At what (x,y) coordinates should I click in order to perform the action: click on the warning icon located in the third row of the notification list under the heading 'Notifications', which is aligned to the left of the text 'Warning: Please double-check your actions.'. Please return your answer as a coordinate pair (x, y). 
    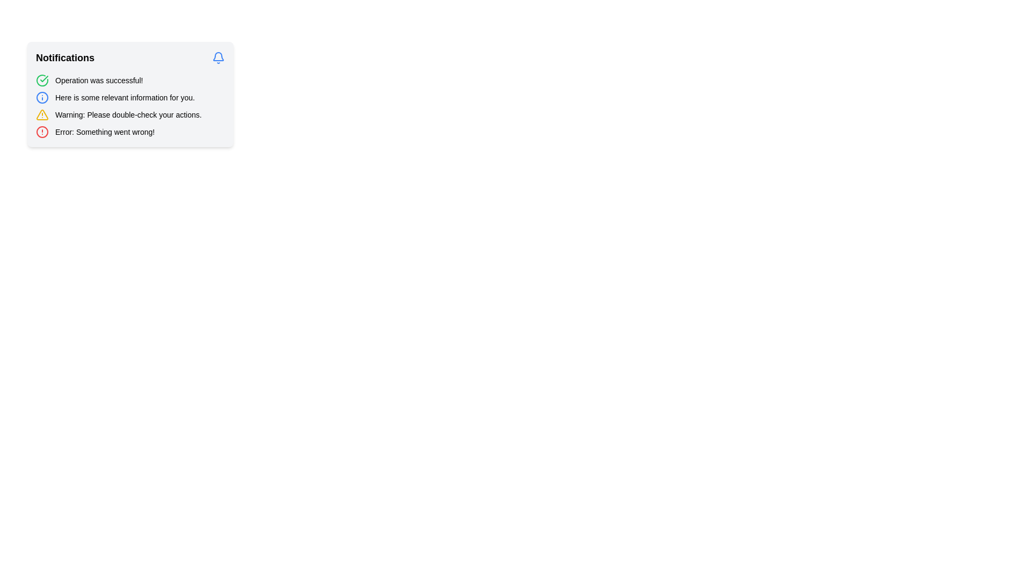
    Looking at the image, I should click on (42, 114).